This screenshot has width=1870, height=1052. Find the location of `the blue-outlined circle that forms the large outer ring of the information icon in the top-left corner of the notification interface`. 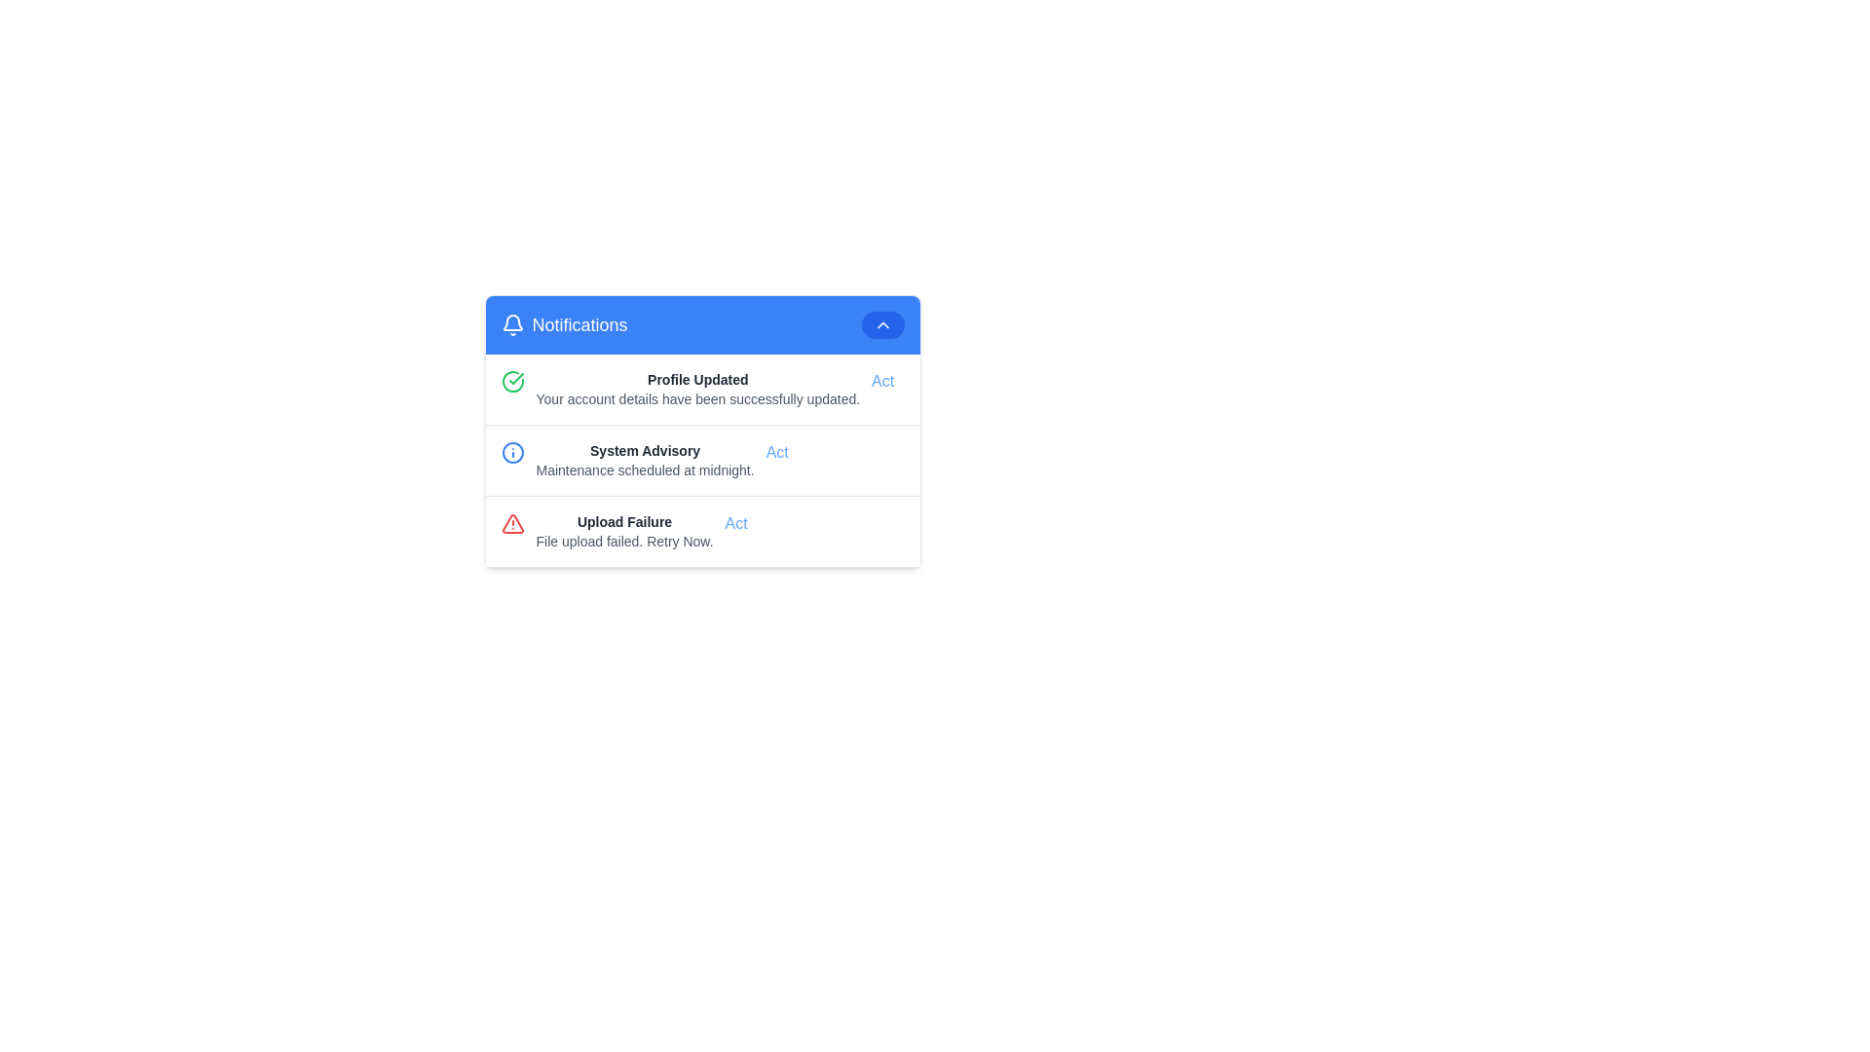

the blue-outlined circle that forms the large outer ring of the information icon in the top-left corner of the notification interface is located at coordinates (512, 453).